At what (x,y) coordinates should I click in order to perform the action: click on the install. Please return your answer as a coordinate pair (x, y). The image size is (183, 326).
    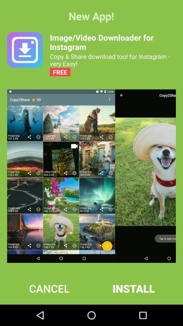
    Looking at the image, I should click on (134, 288).